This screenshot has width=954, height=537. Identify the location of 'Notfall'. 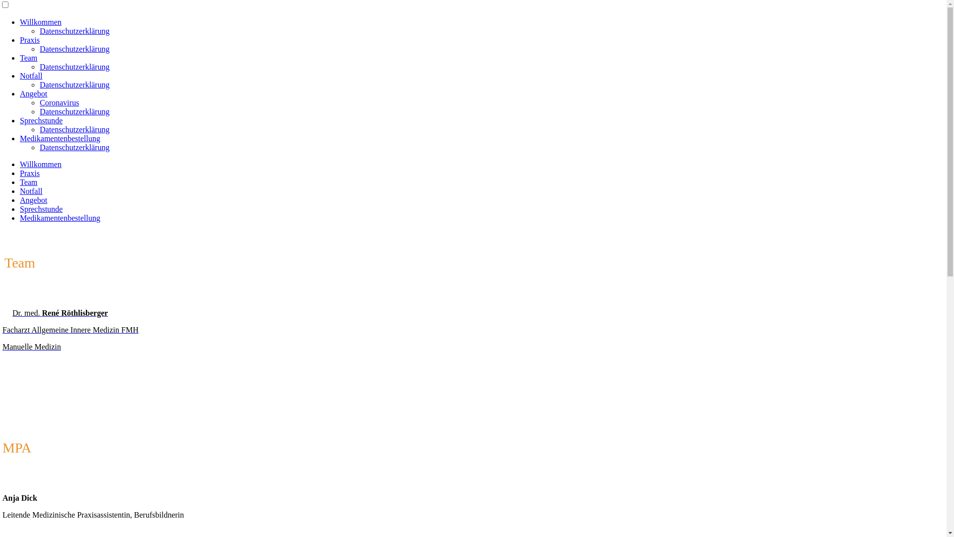
(19, 191).